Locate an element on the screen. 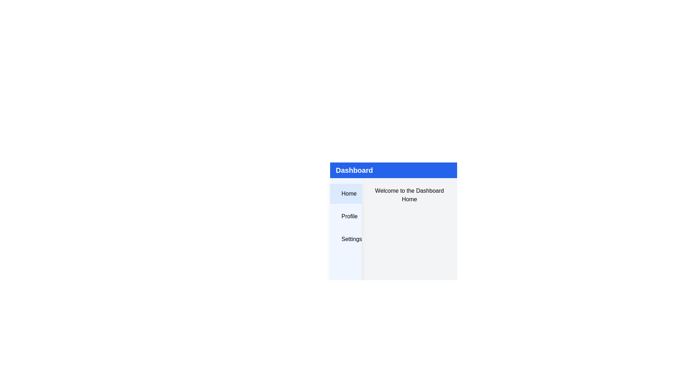  the menu item labeled Settings to navigate to the corresponding section is located at coordinates (346, 239).